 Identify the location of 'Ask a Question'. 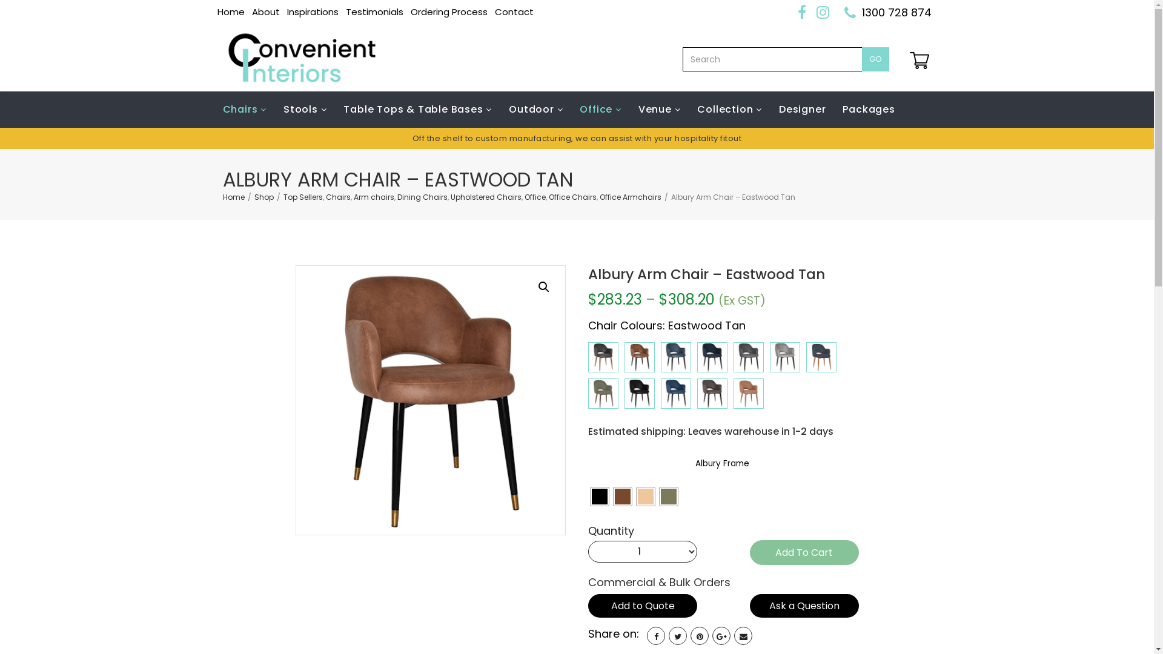
(804, 606).